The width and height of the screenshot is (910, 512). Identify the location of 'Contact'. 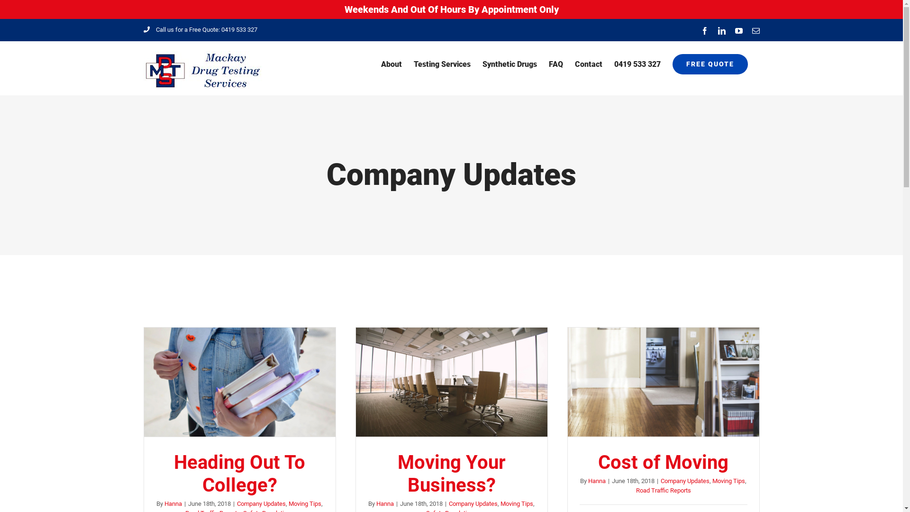
(588, 64).